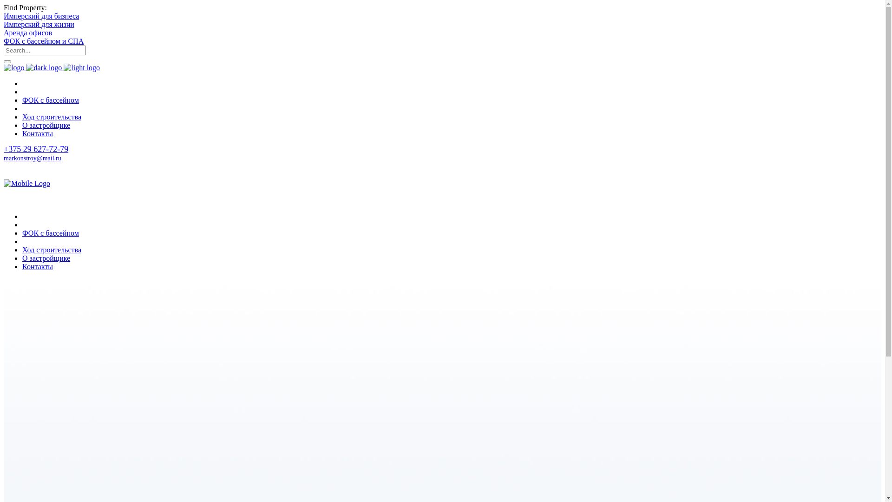  Describe the element at coordinates (4, 148) in the screenshot. I see `'+375 29 627-72-79'` at that location.